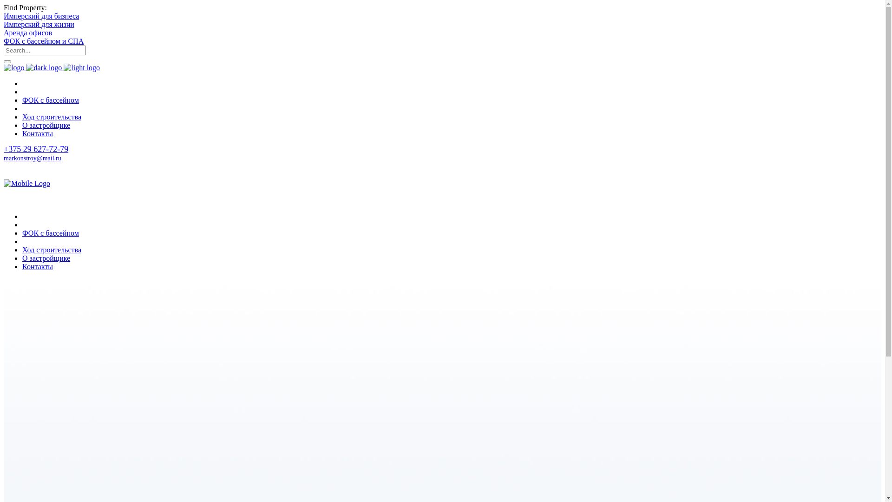  Describe the element at coordinates (4, 148) in the screenshot. I see `'+375 29 627-72-79'` at that location.